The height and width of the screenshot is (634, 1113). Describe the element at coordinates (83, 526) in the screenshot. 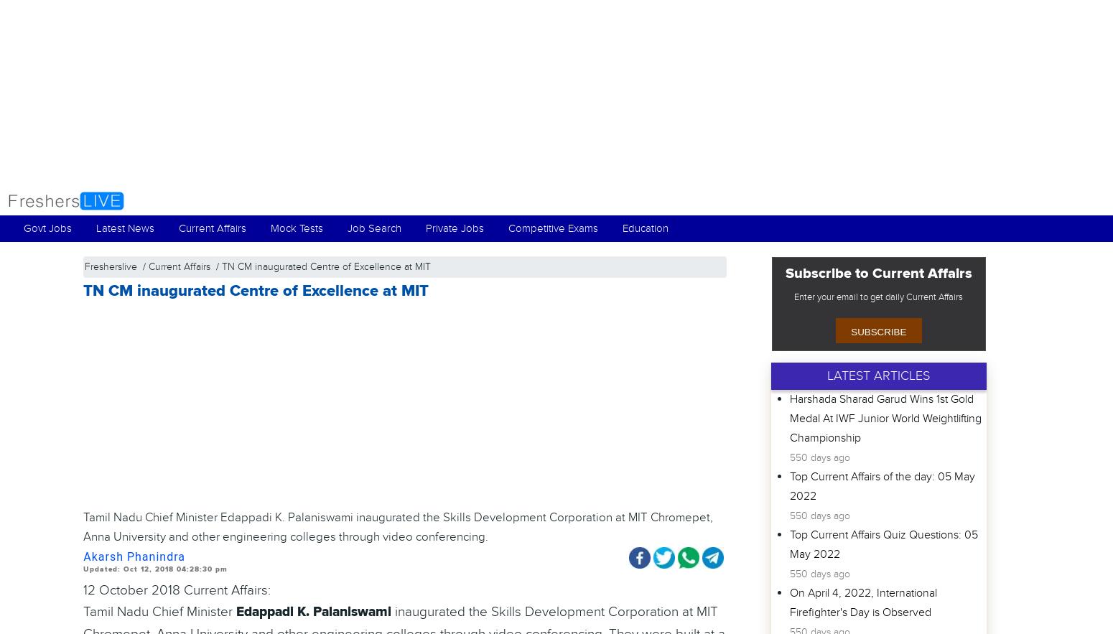

I see `'Tamil Nadu Chief Minister Edappadi K. Palaniswami inaugurated the Skills Development Corporation at MIT Chromepet, Anna University and other engineering colleges through video conferencing.'` at that location.